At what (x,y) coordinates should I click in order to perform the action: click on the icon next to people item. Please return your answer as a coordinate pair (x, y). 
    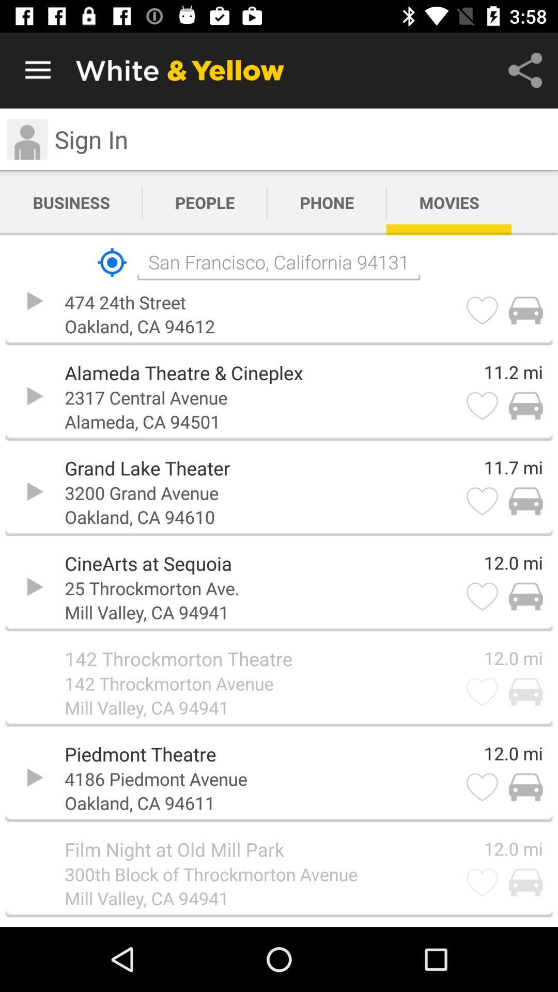
    Looking at the image, I should click on (327, 203).